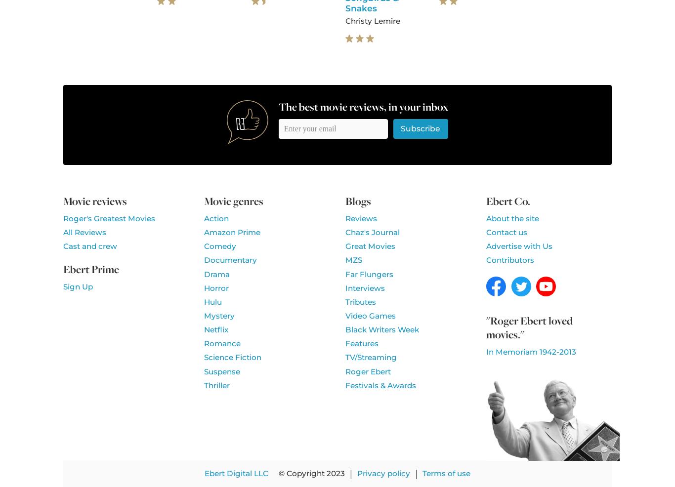  What do you see at coordinates (370, 316) in the screenshot?
I see `'Video Games'` at bounding box center [370, 316].